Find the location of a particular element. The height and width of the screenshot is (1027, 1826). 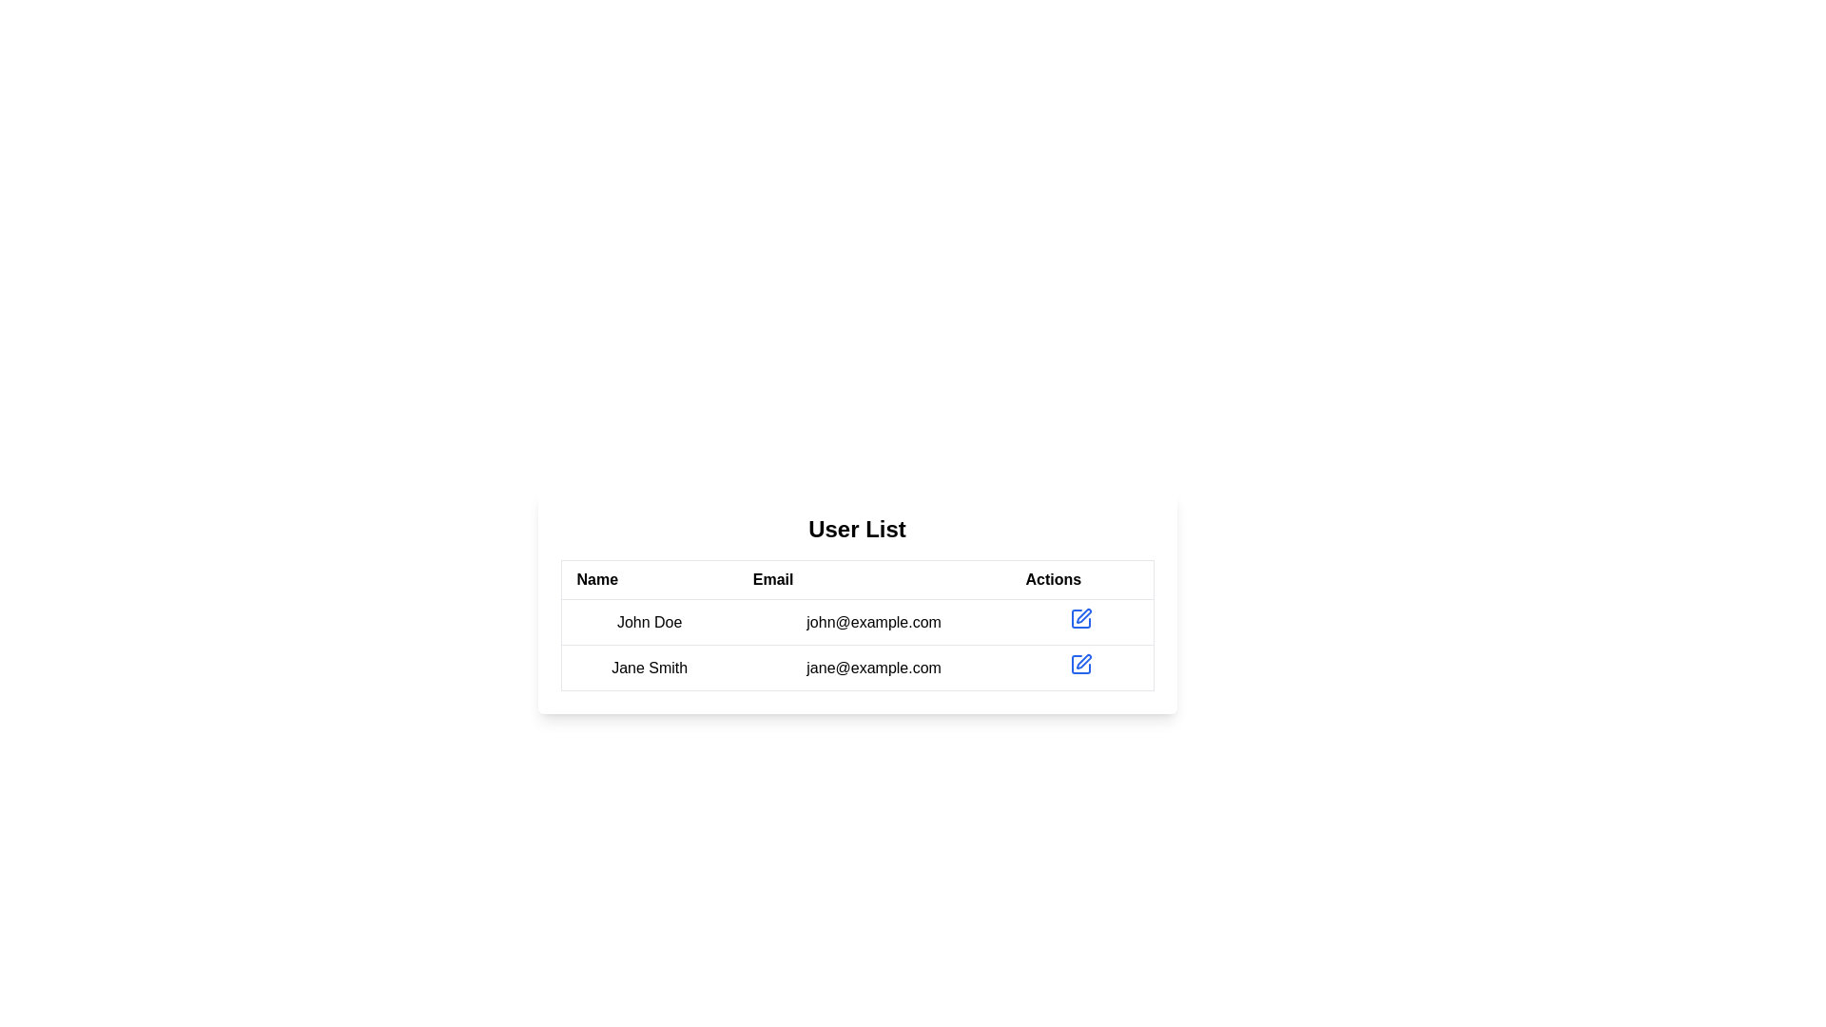

the 'edit' icon for the user 'Jane Smith' in the 'Actions' column is located at coordinates (1081, 619).